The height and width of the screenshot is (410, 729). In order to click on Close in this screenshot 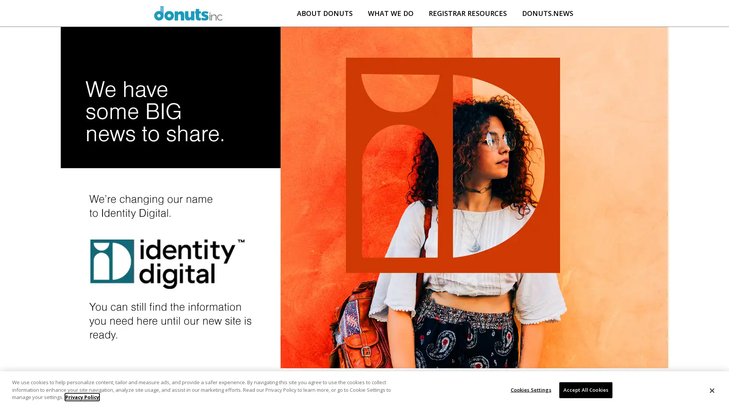, I will do `click(711, 391)`.